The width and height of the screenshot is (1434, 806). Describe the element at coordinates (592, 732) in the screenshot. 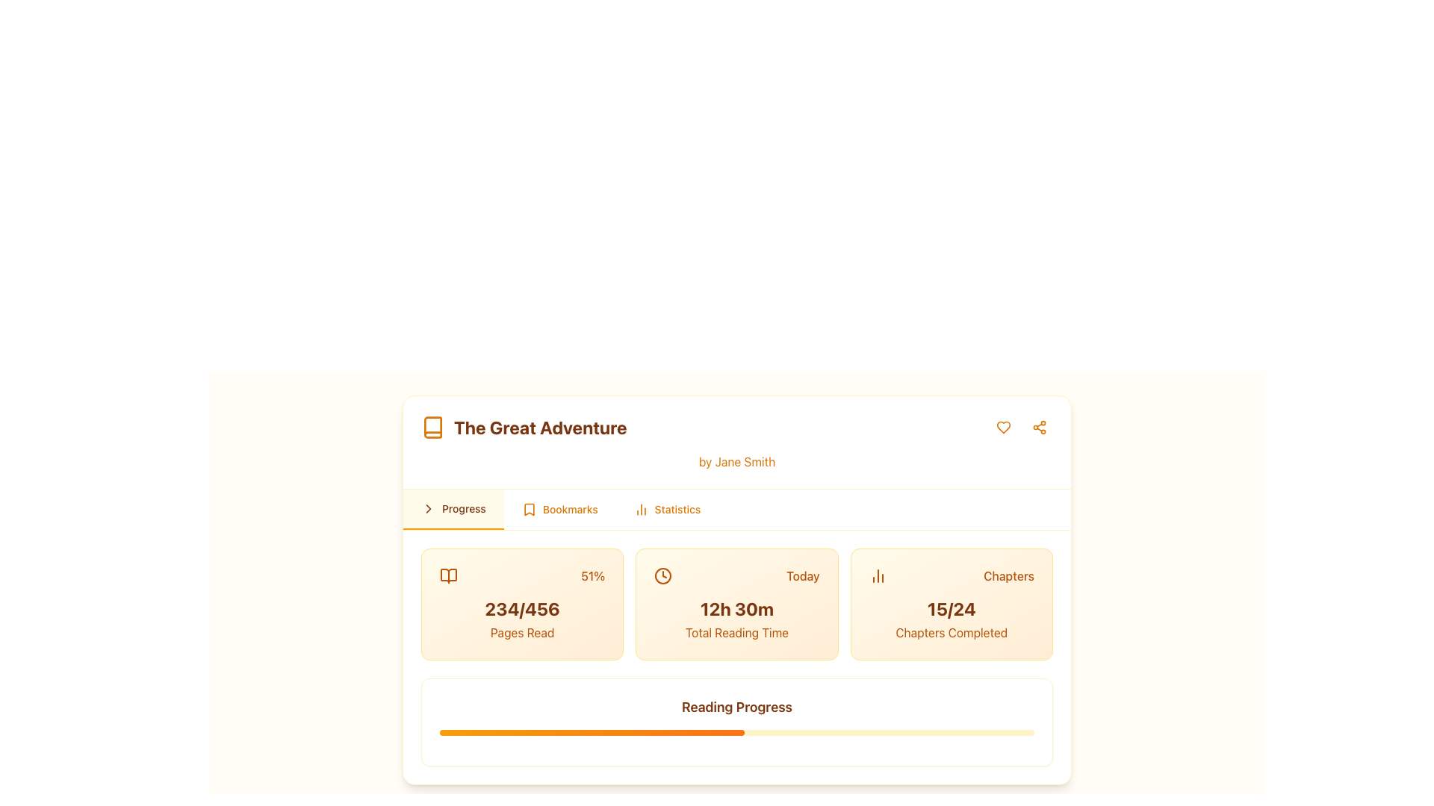

I see `the filled portion of the progress bar segment indicating reading progress located at the bottom of the card labeled 'Reading Progress'` at that location.